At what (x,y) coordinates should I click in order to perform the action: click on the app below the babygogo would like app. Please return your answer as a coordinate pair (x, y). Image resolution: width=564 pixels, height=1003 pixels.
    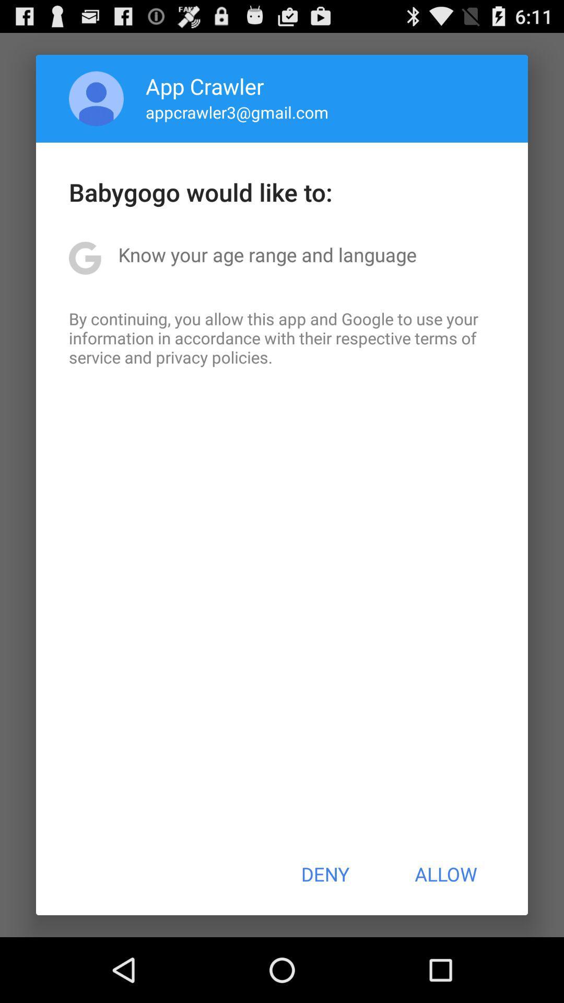
    Looking at the image, I should click on (267, 254).